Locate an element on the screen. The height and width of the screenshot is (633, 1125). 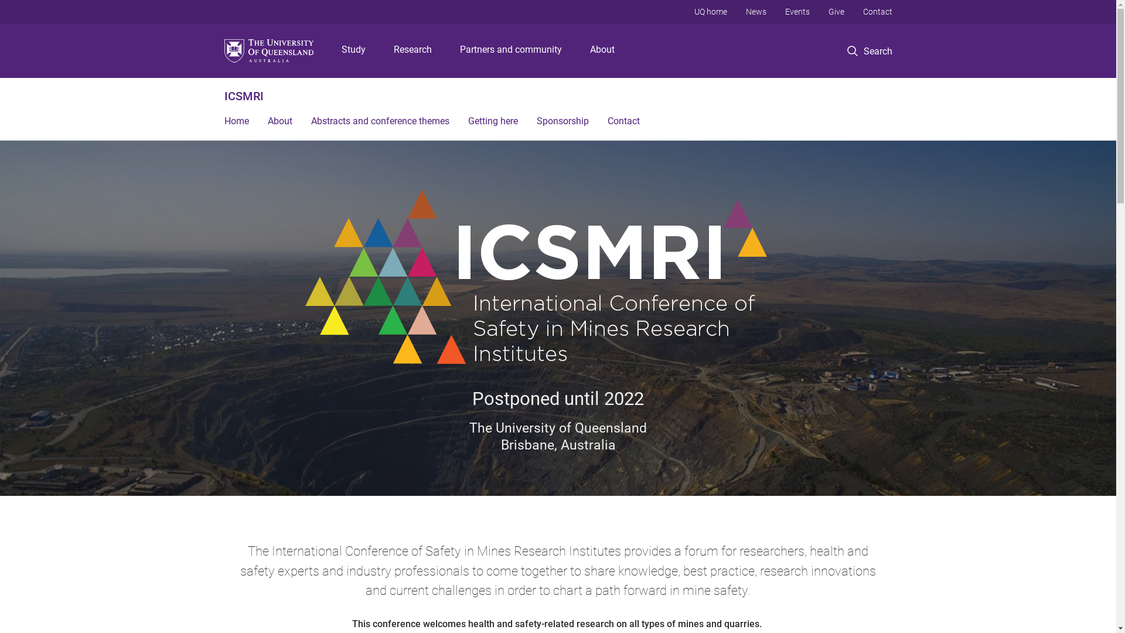
'Give' is located at coordinates (836, 12).